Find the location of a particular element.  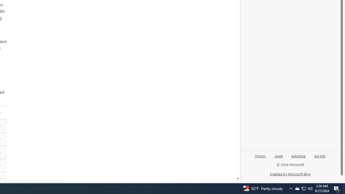

'Ad info' is located at coordinates (320, 158).